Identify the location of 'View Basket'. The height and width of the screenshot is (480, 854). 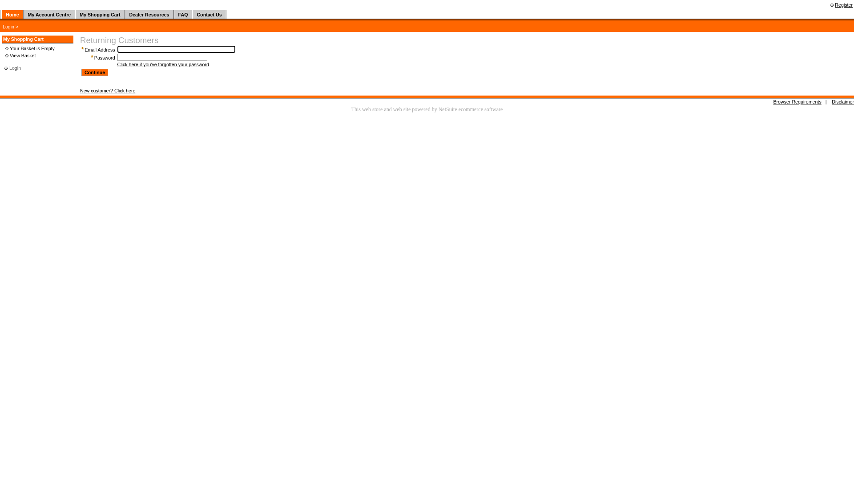
(23, 55).